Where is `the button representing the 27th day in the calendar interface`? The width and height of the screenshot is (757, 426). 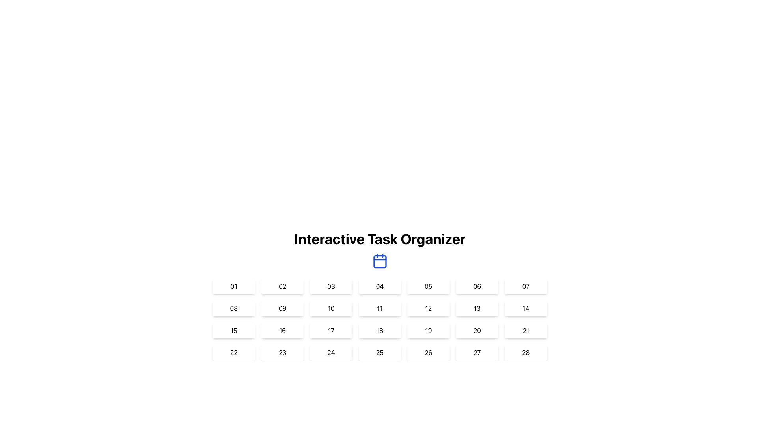
the button representing the 27th day in the calendar interface is located at coordinates (477, 352).